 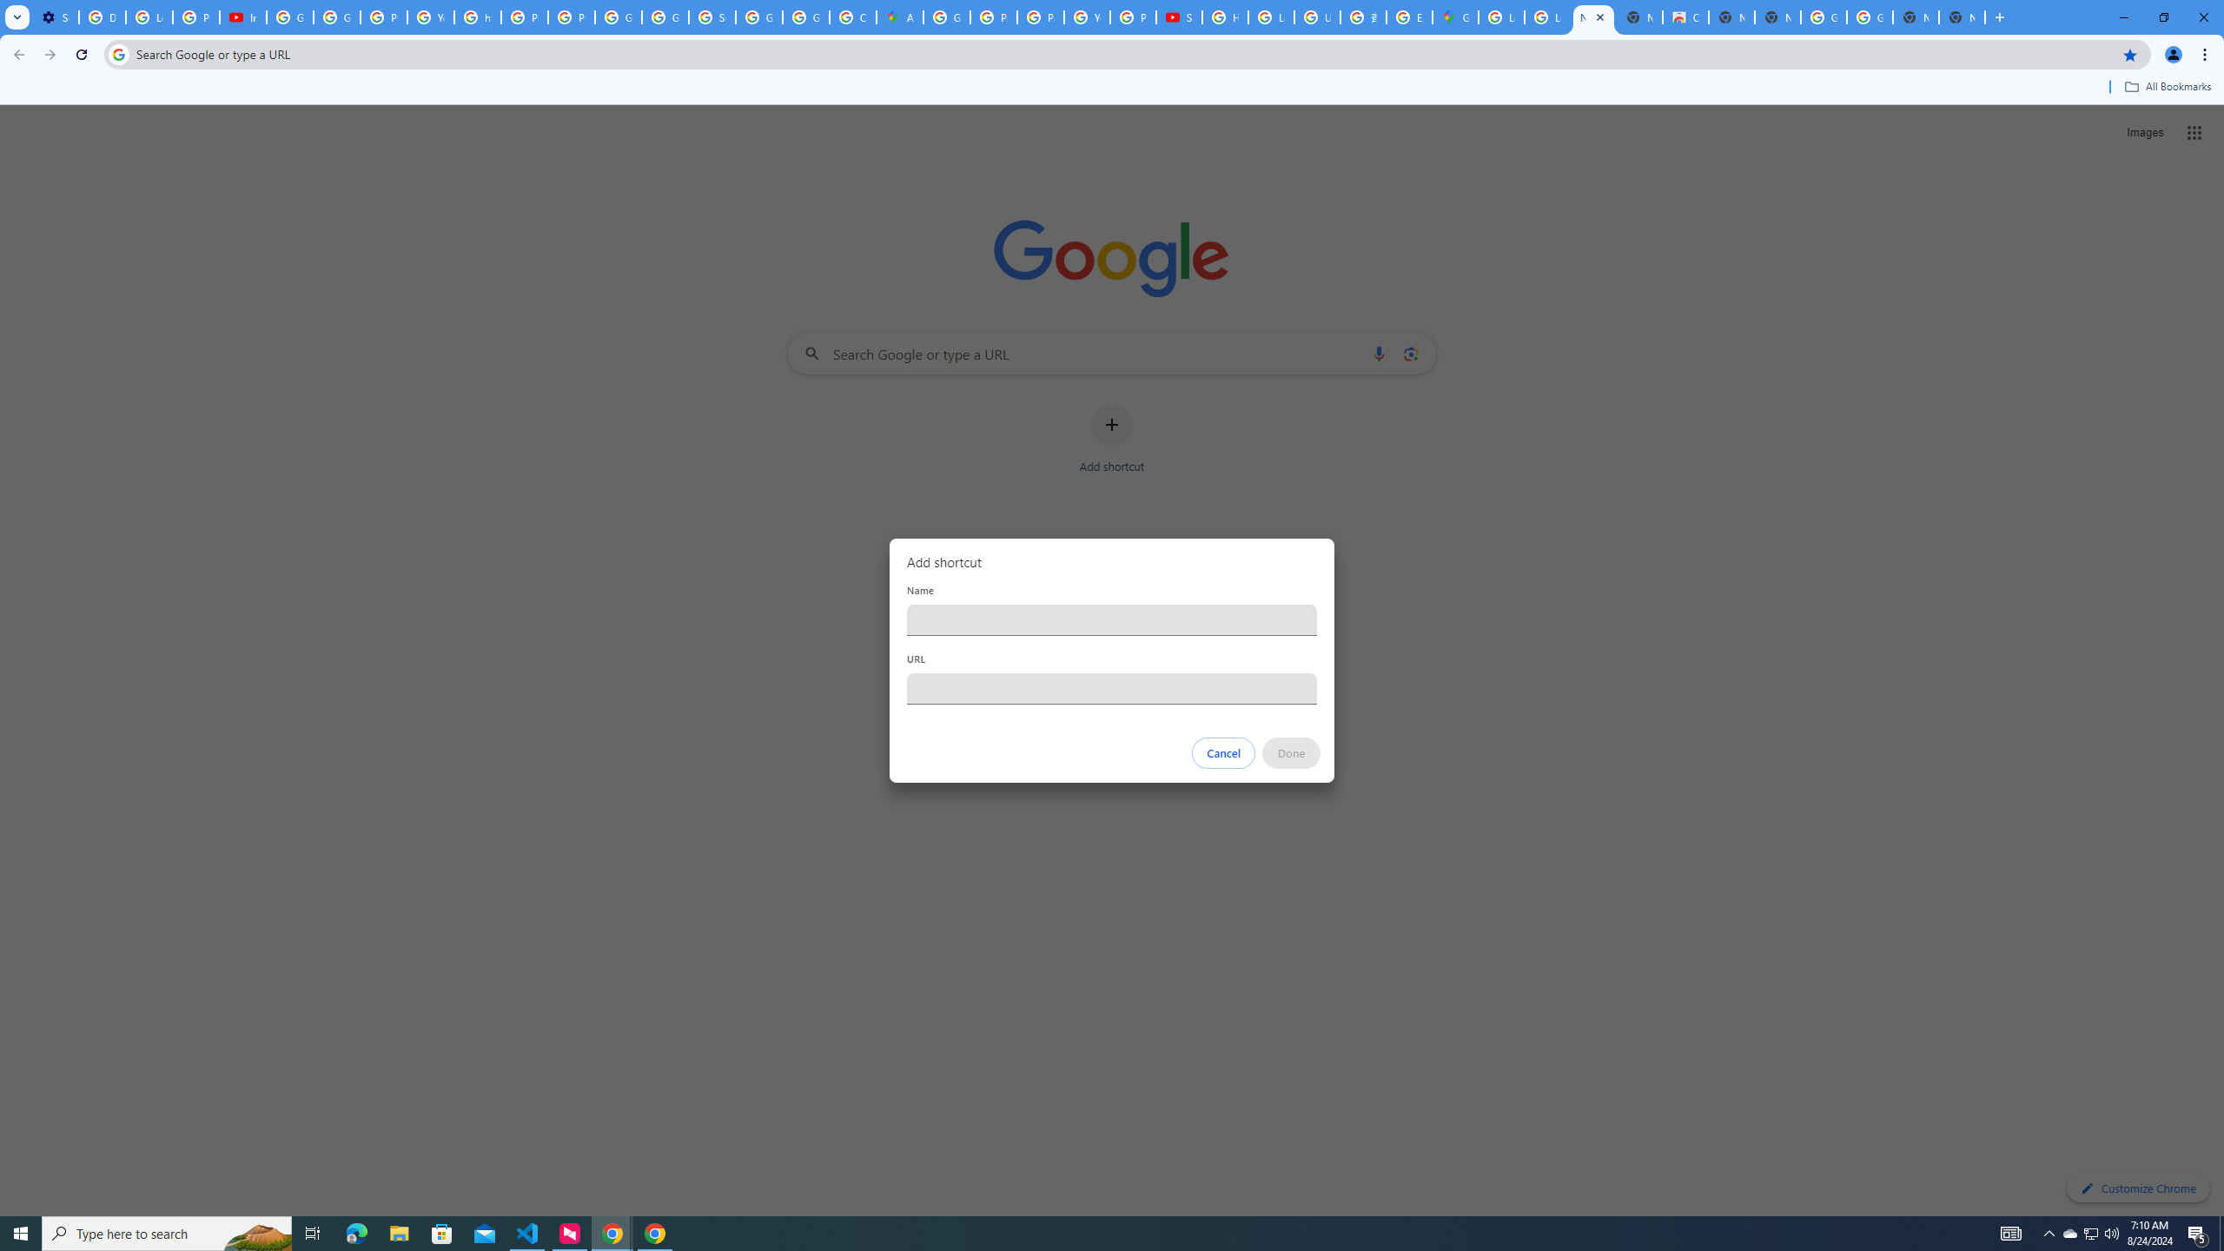 What do you see at coordinates (1685, 17) in the screenshot?
I see `'Chrome Web Store'` at bounding box center [1685, 17].